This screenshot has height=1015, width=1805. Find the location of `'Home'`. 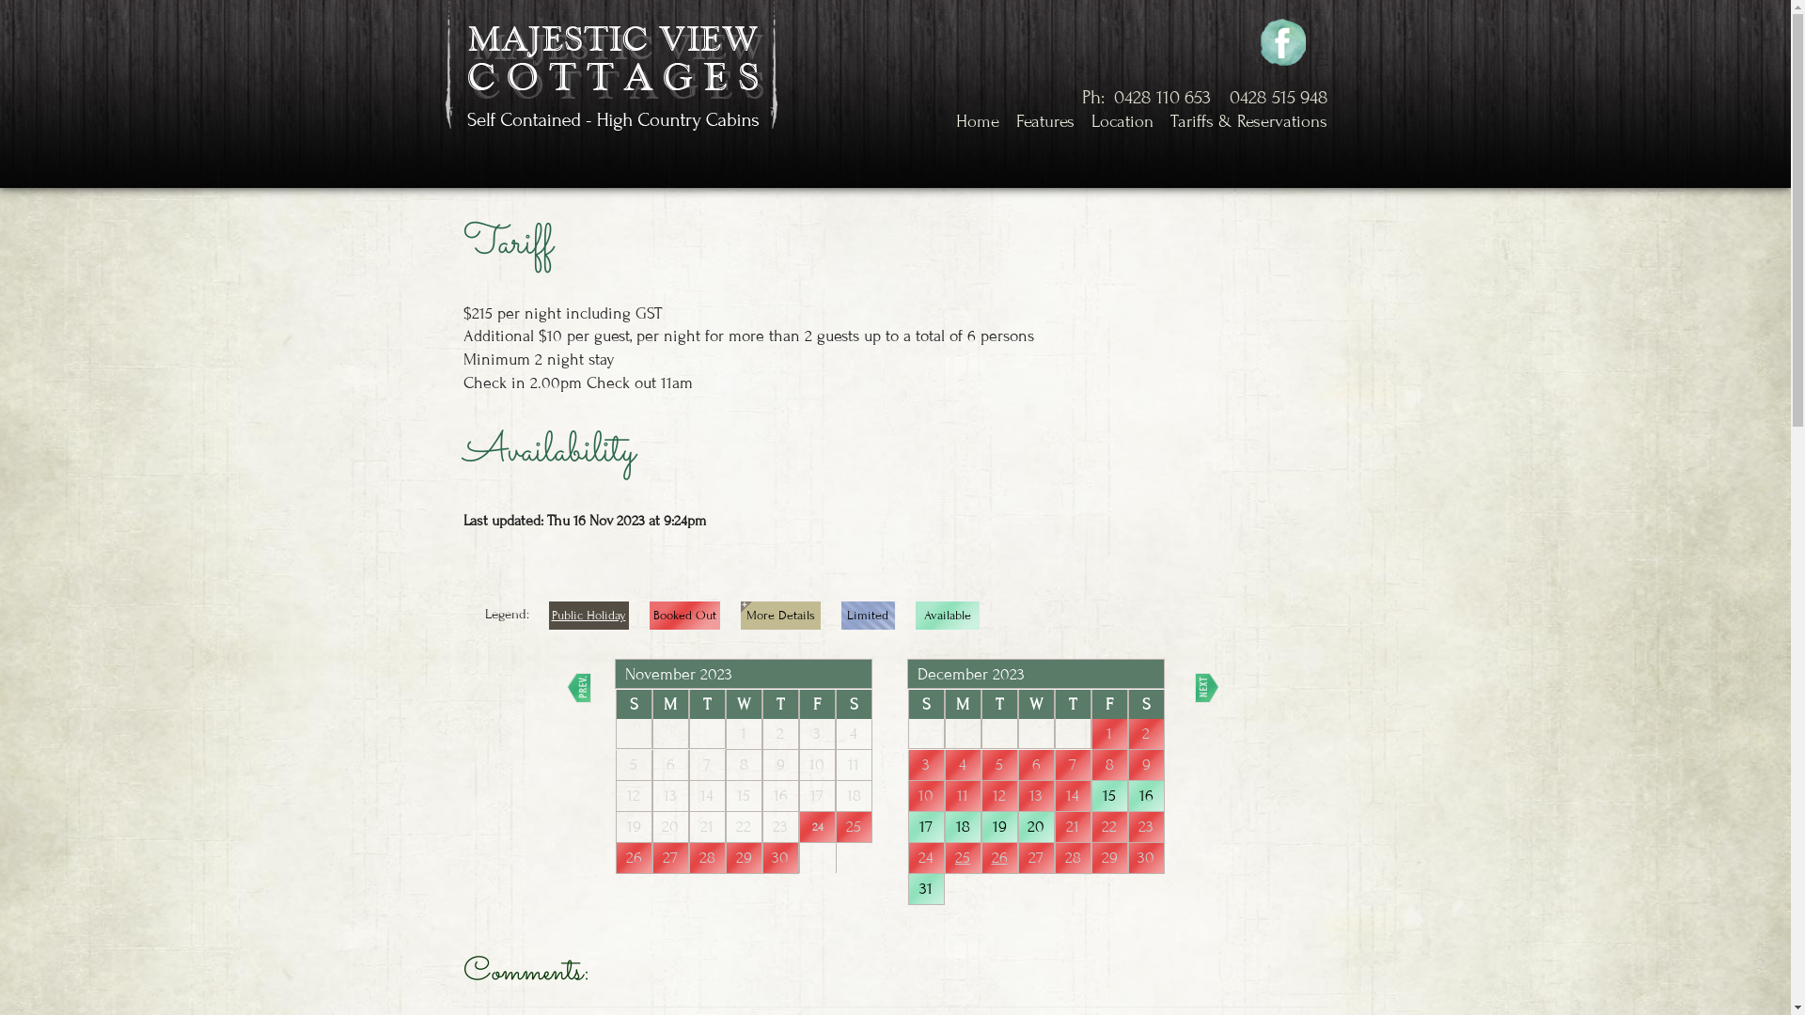

'Home' is located at coordinates (978, 121).